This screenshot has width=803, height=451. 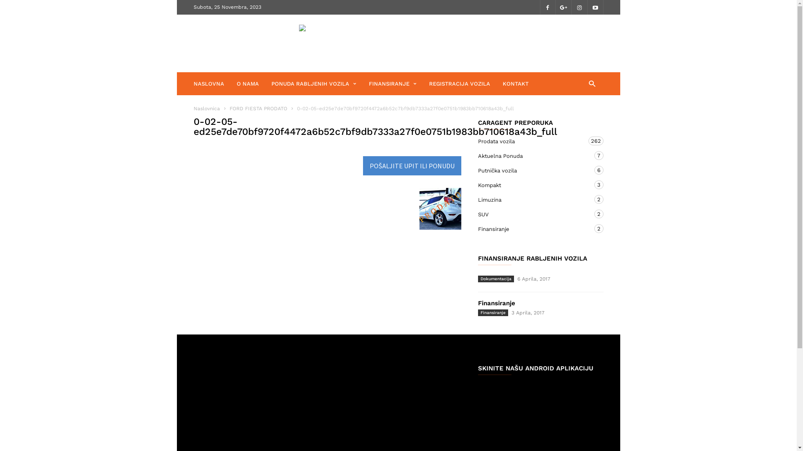 I want to click on 'Instagram', so click(x=579, y=7).